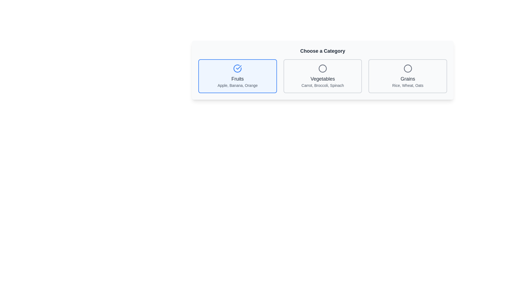 The height and width of the screenshot is (295, 526). I want to click on the 'Vegetables' category selection card, which is the middle card in the row under 'Choose a Category', to observe any hover effects, so click(322, 70).